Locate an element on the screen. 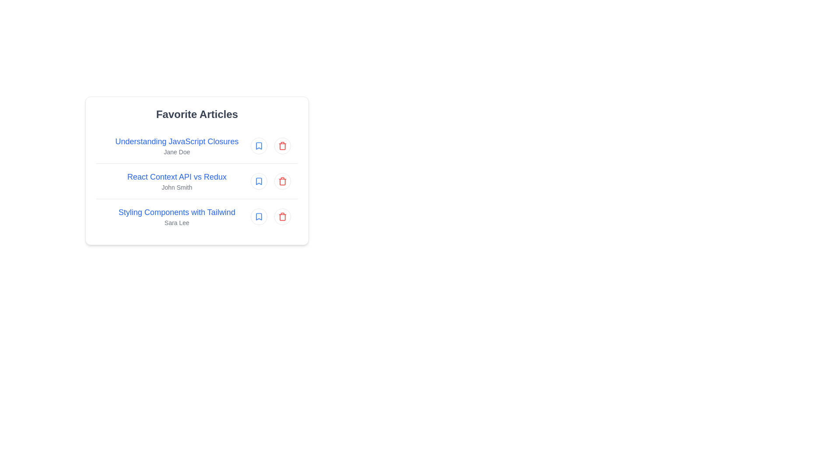 This screenshot has height=472, width=840. the delete icon for the article titled Understanding JavaScript Closures is located at coordinates (283, 146).